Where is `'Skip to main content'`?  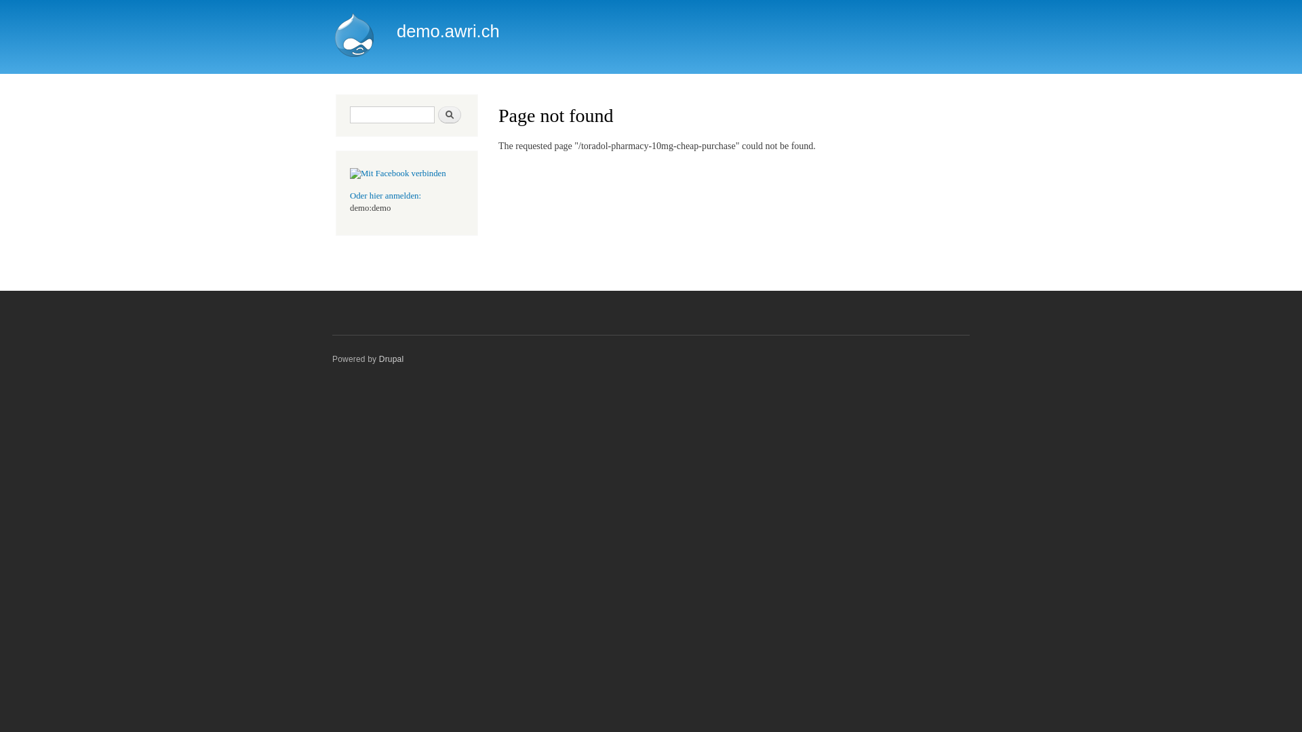
'Skip to main content' is located at coordinates (600, 1).